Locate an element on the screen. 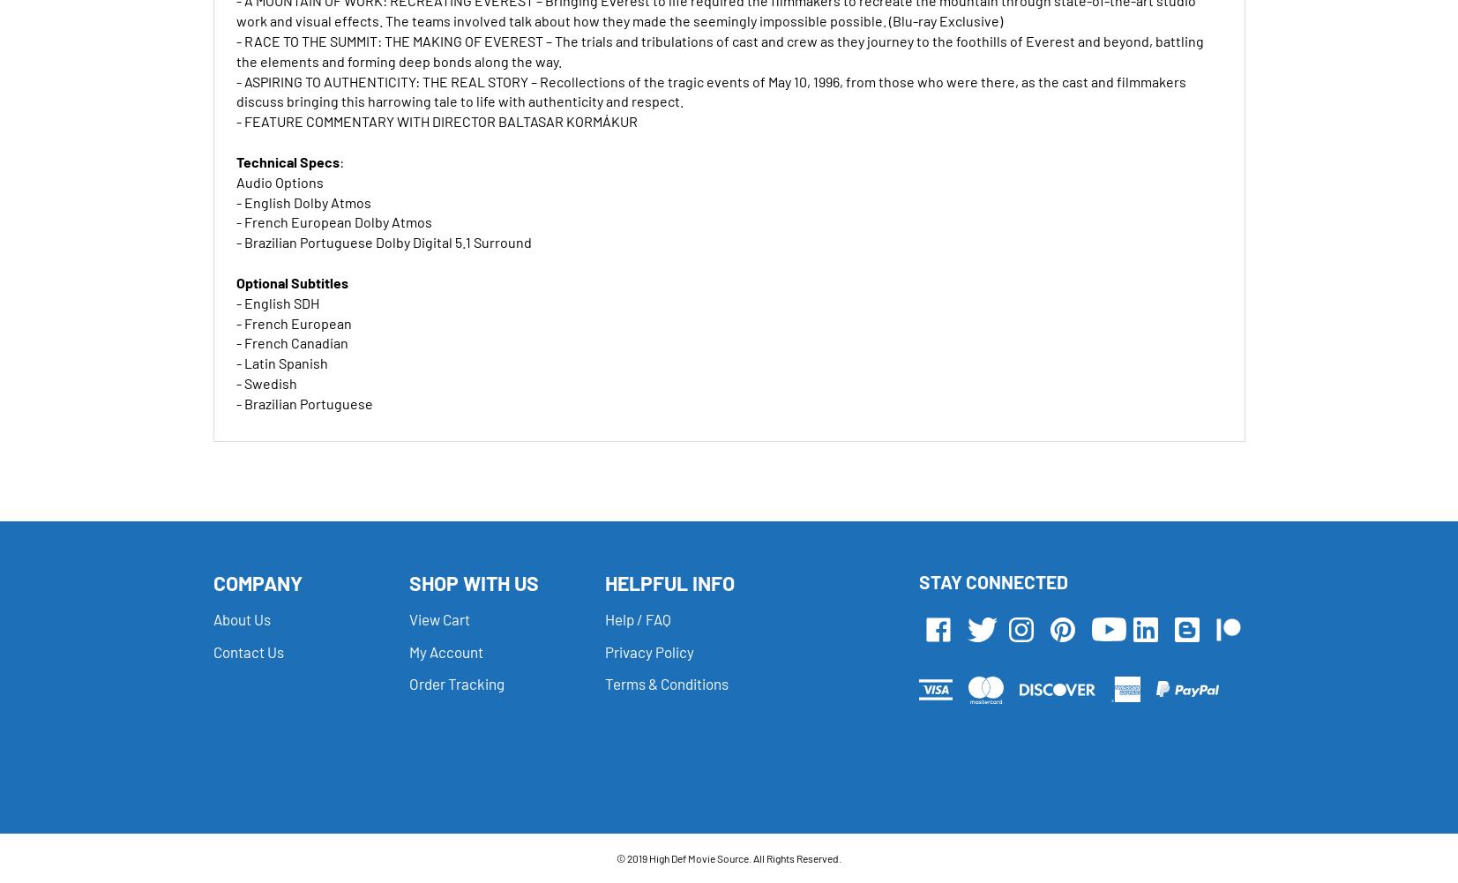 This screenshot has height=883, width=1458. 'My Account' is located at coordinates (407, 651).